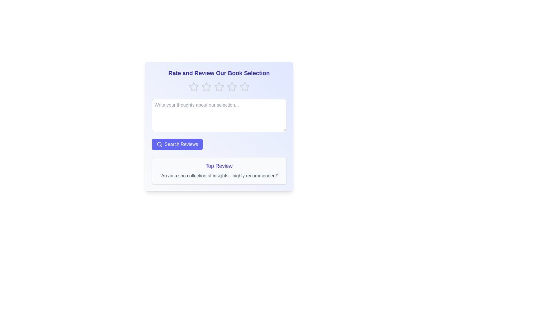 This screenshot has height=312, width=556. I want to click on 'Search Reviews' button, so click(177, 144).